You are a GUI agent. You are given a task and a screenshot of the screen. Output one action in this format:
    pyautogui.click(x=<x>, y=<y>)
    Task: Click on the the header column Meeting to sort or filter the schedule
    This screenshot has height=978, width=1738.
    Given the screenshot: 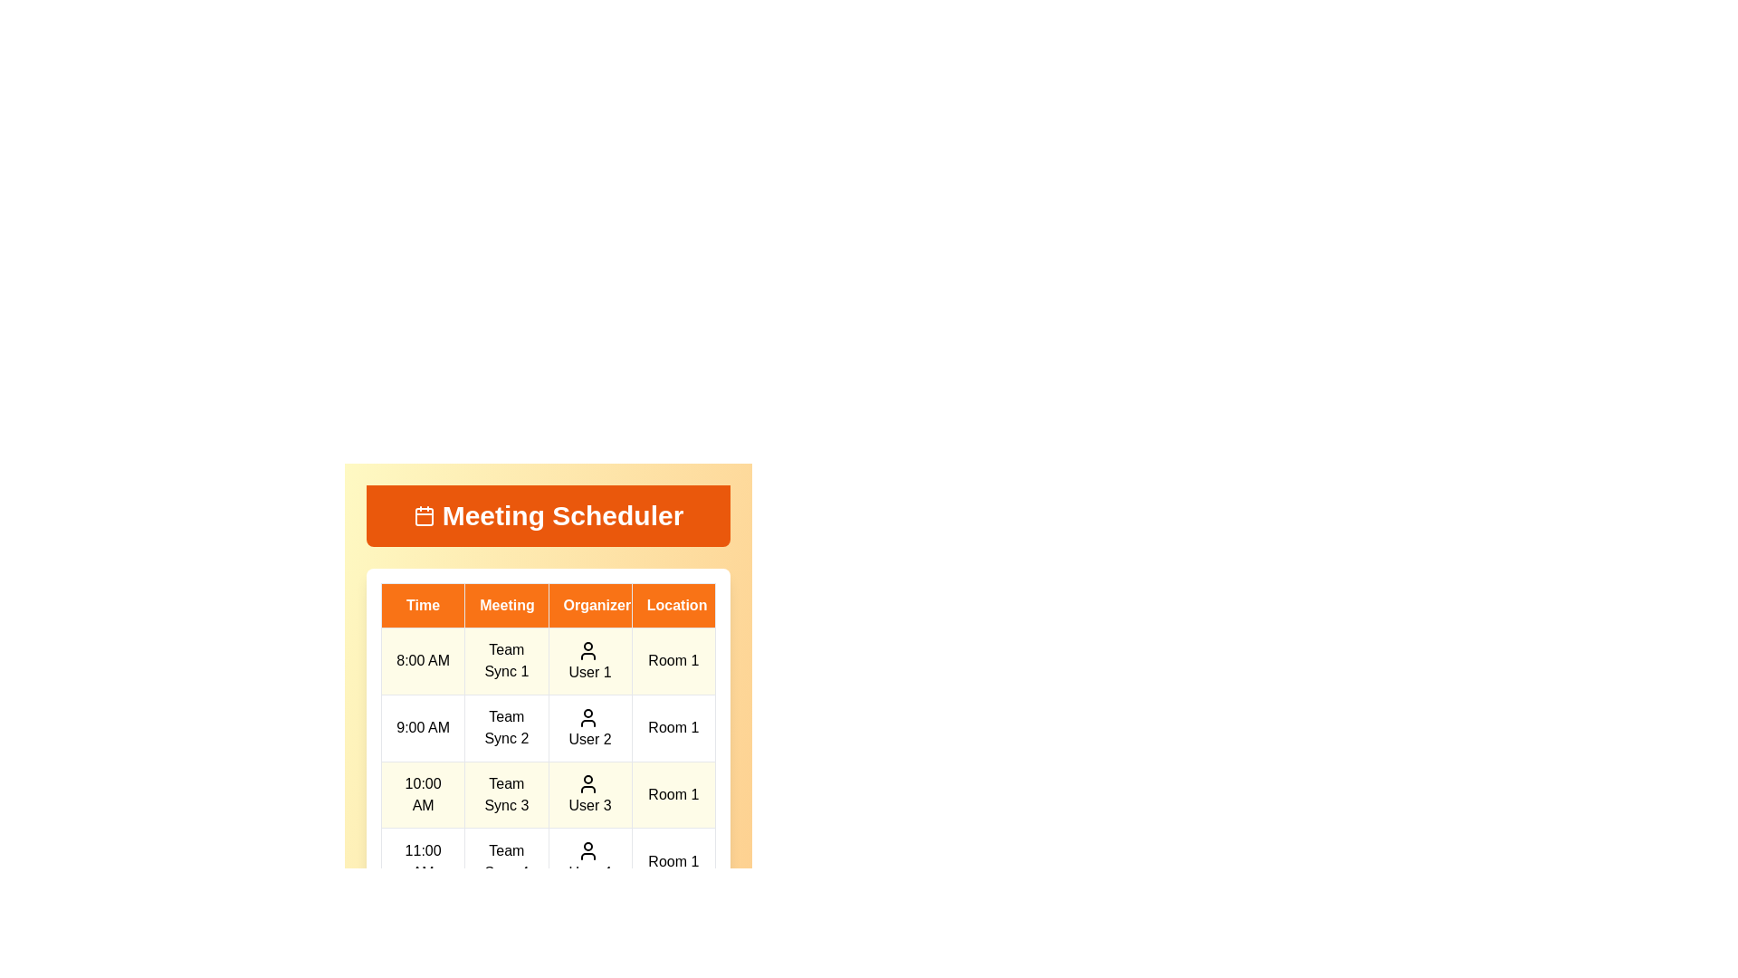 What is the action you would take?
    pyautogui.click(x=506, y=605)
    